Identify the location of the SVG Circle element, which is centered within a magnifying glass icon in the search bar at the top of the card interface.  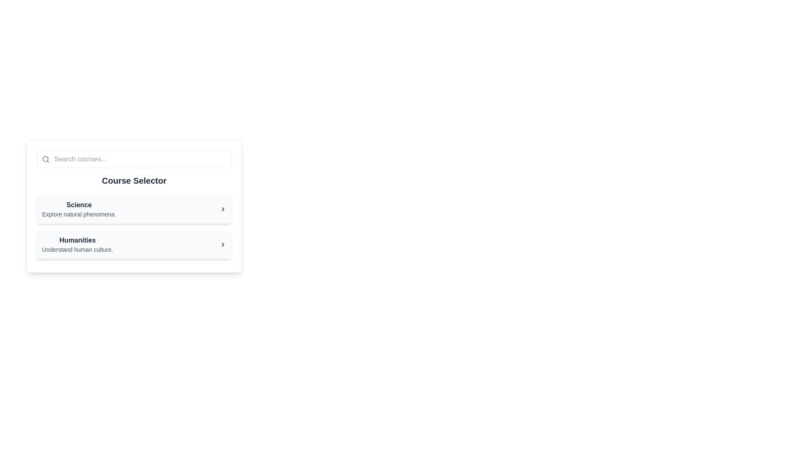
(45, 159).